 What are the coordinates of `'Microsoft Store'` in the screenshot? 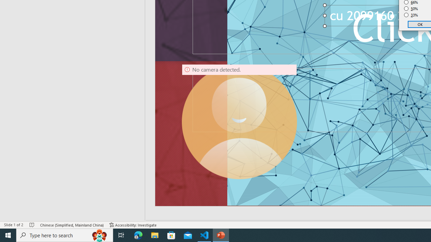 It's located at (171, 235).